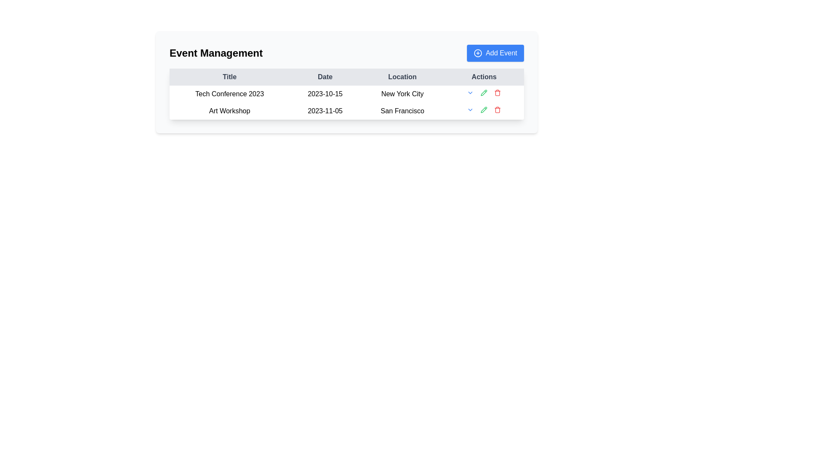 The height and width of the screenshot is (460, 818). What do you see at coordinates (495, 53) in the screenshot?
I see `the 'Add New Event' button located at the top-right corner of the event management system` at bounding box center [495, 53].